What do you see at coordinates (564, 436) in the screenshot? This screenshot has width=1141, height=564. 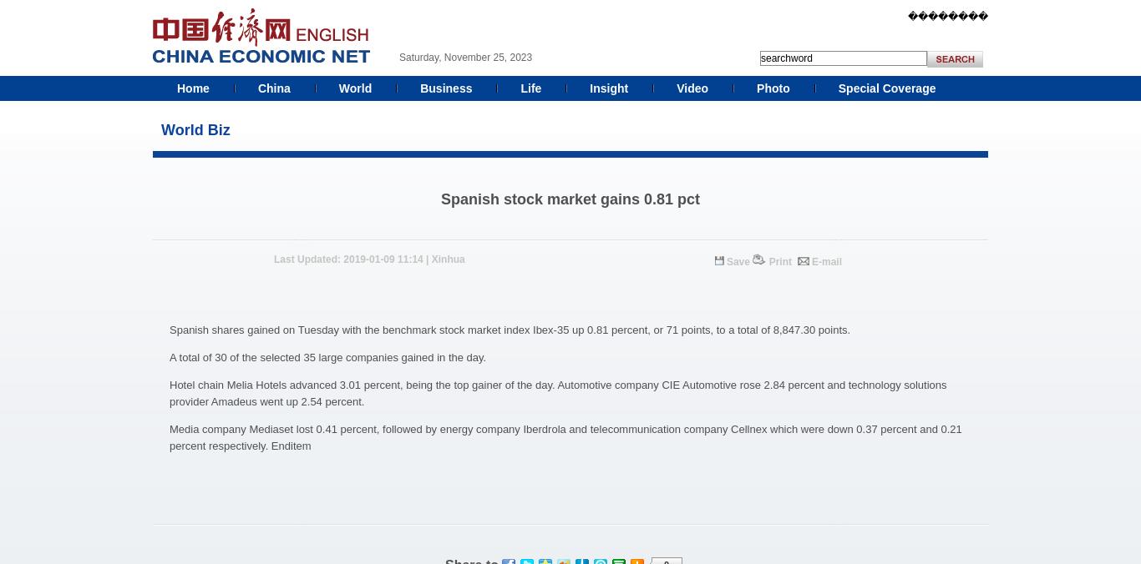 I see `'Media company Mediaset lost 0.41 percent, followed by energy company Iberdrola and telecommunication company Cellnex which were down 0.37 percent and 0.21 percent respectively. Enditem'` at bounding box center [564, 436].